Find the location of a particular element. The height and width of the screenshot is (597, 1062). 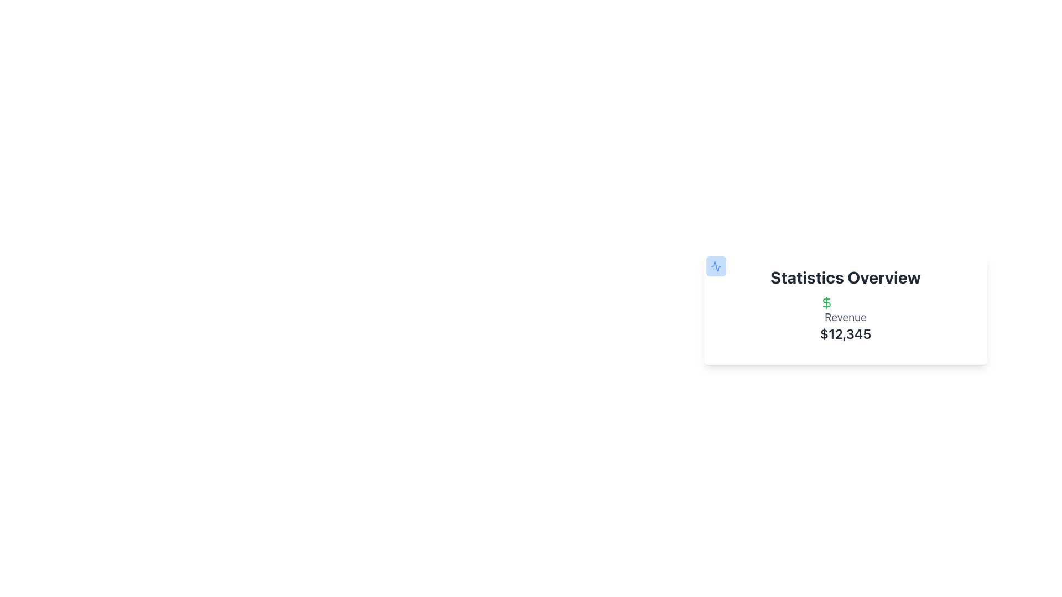

the text label reading 'Revenue' that is styled with a large font size and light gray color, located below a green dollar sign icon and above the numeric text '$12,345' is located at coordinates (845, 317).